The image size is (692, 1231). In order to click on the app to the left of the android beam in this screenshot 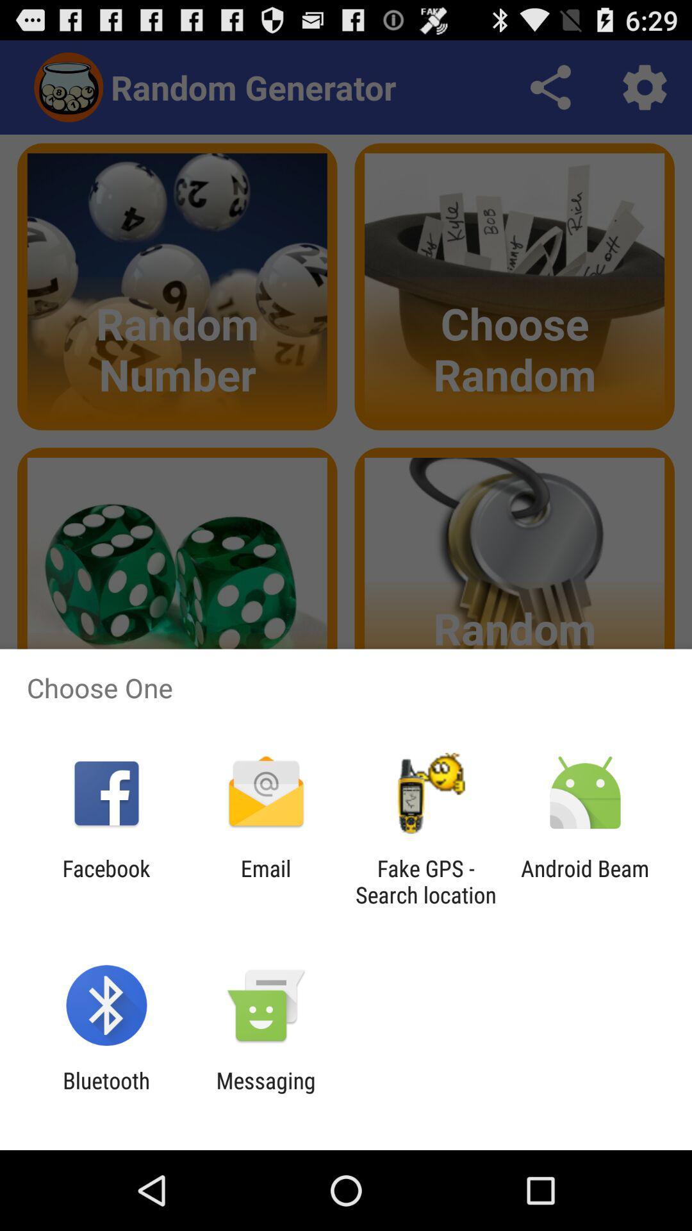, I will do `click(425, 881)`.